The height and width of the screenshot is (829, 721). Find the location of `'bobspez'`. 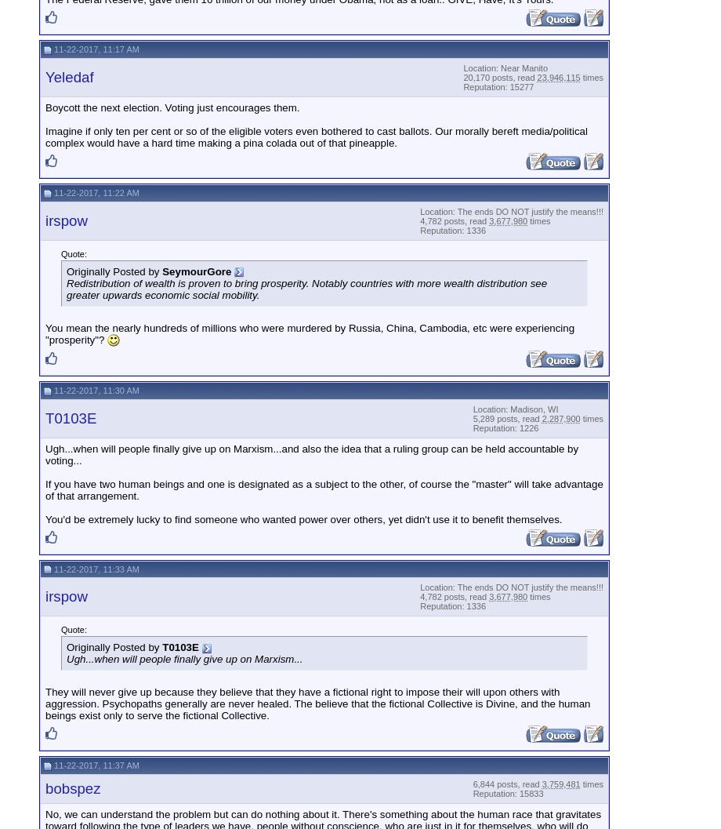

'bobspez' is located at coordinates (73, 787).